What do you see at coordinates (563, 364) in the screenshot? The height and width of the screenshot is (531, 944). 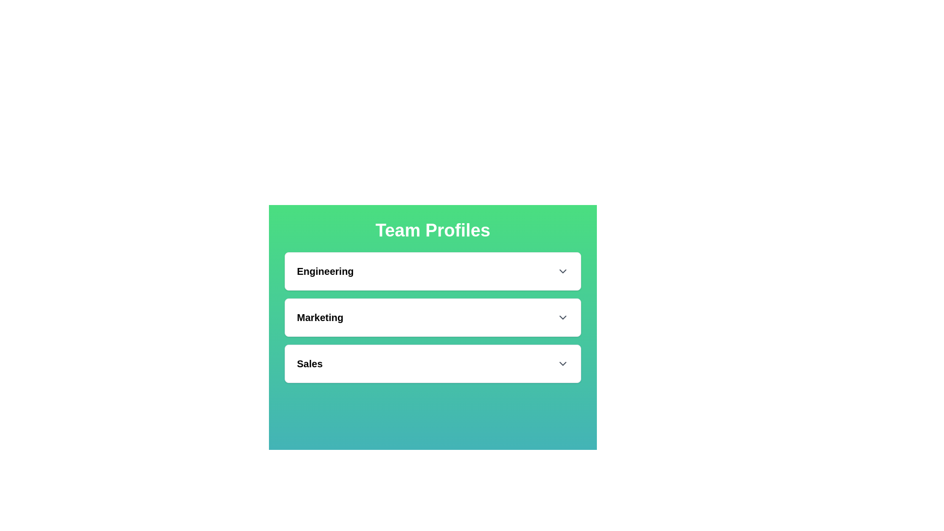 I see `the downward-facing chevron arrow icon at the right end of the 'Sales' row` at bounding box center [563, 364].